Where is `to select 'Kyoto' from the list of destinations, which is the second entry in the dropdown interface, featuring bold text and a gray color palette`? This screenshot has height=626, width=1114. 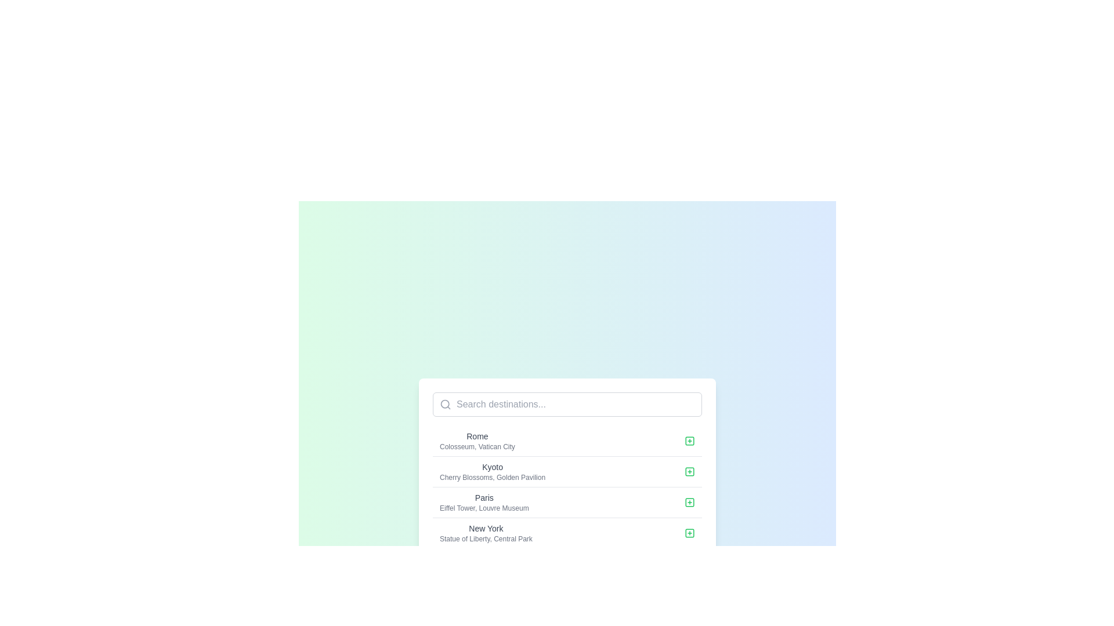
to select 'Kyoto' from the list of destinations, which is the second entry in the dropdown interface, featuring bold text and a gray color palette is located at coordinates (493, 471).